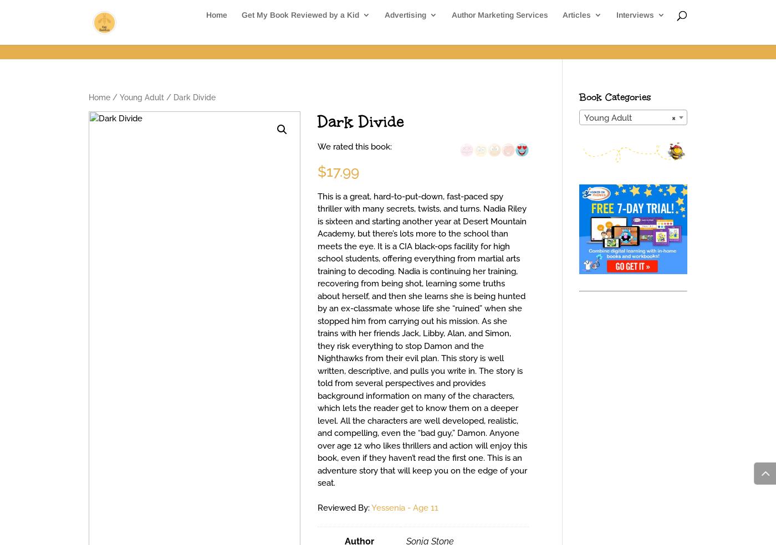 This screenshot has width=776, height=545. Describe the element at coordinates (300, 29) in the screenshot. I see `'Get My Book Reviewed by a Kid'` at that location.